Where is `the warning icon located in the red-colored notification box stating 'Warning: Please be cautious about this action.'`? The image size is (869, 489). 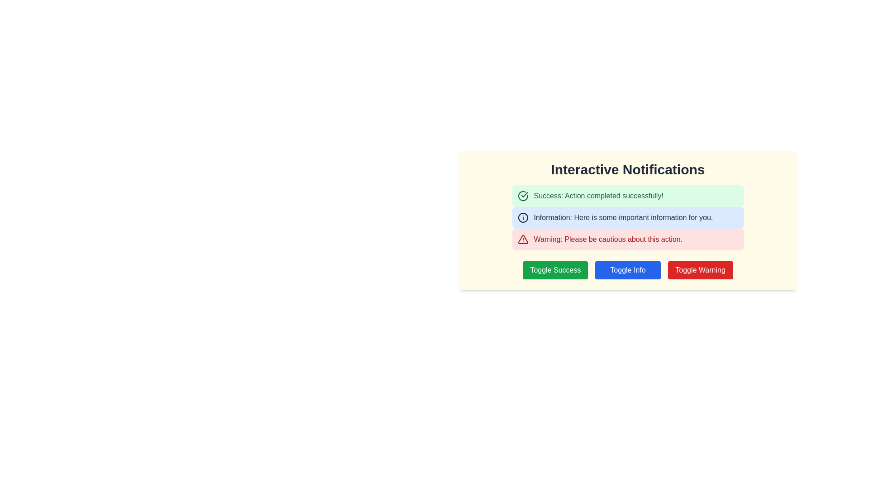 the warning icon located in the red-colored notification box stating 'Warning: Please be cautious about this action.' is located at coordinates (523, 239).